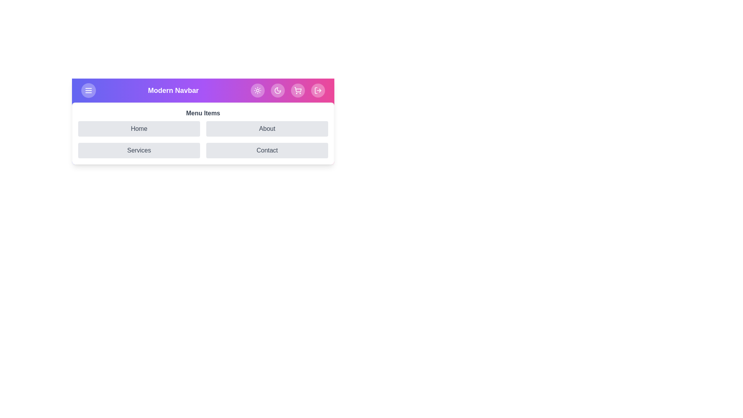 Image resolution: width=743 pixels, height=418 pixels. I want to click on the 'ShoppingCart' icon button, so click(297, 90).